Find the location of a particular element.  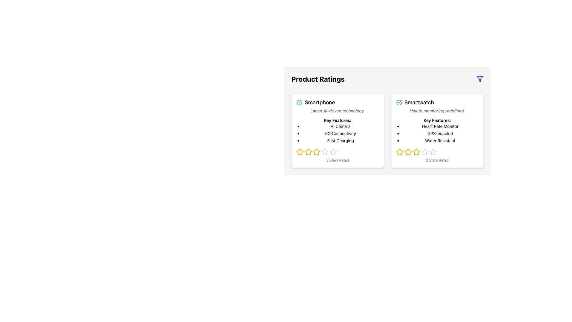

text item containing 'GPS-enabled' in the Key Features section of the Smartwatch card, which is the second item in the bullet-point list is located at coordinates (440, 133).